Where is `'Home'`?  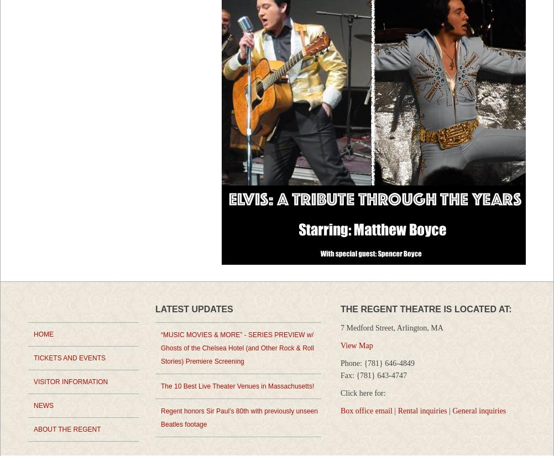 'Home' is located at coordinates (43, 334).